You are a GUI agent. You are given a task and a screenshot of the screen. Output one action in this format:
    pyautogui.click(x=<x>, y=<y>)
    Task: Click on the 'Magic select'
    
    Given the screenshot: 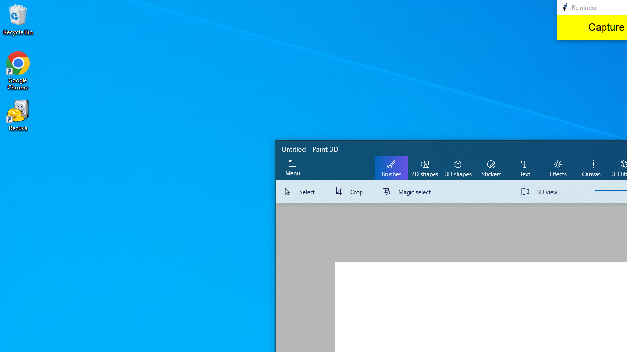 What is the action you would take?
    pyautogui.click(x=408, y=192)
    